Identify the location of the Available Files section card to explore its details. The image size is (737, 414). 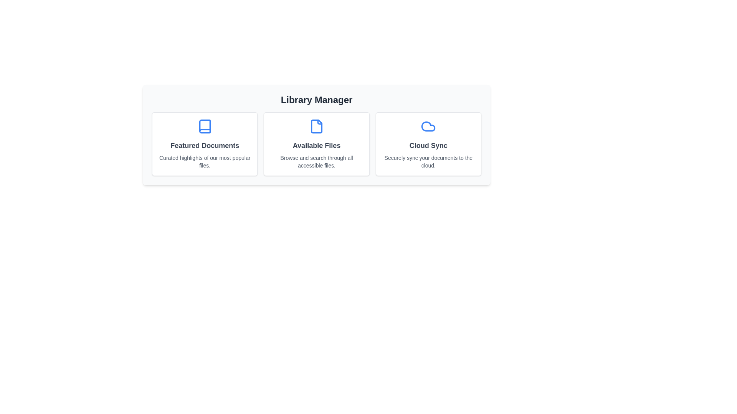
(317, 144).